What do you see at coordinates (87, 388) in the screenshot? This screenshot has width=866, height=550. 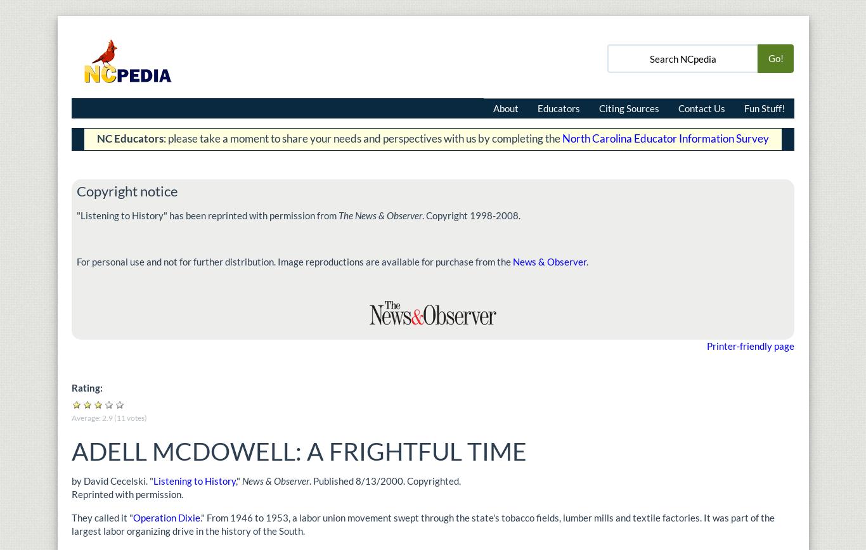 I see `'Rating:'` at bounding box center [87, 388].